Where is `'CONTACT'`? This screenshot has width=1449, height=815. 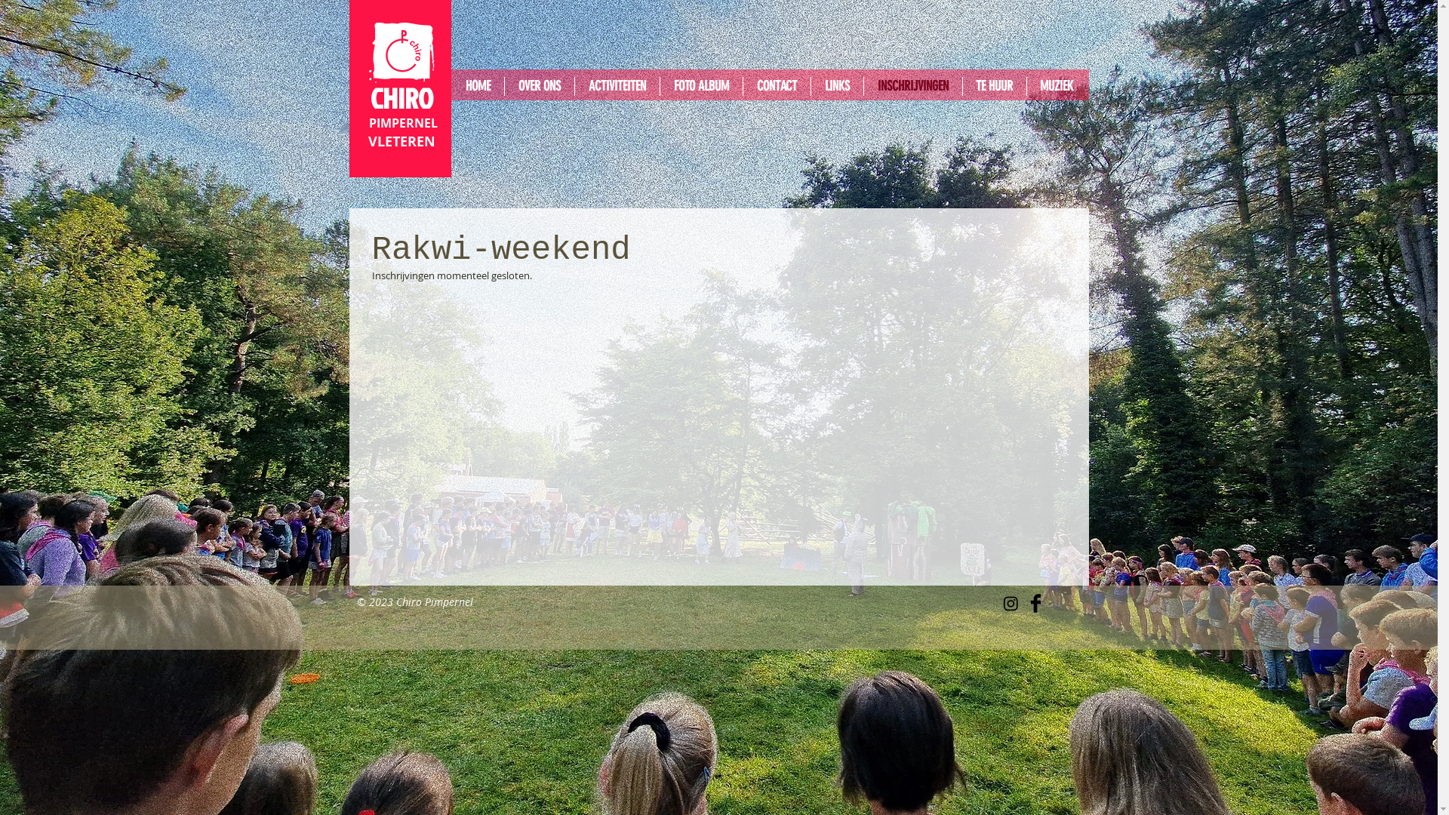
'CONTACT' is located at coordinates (776, 86).